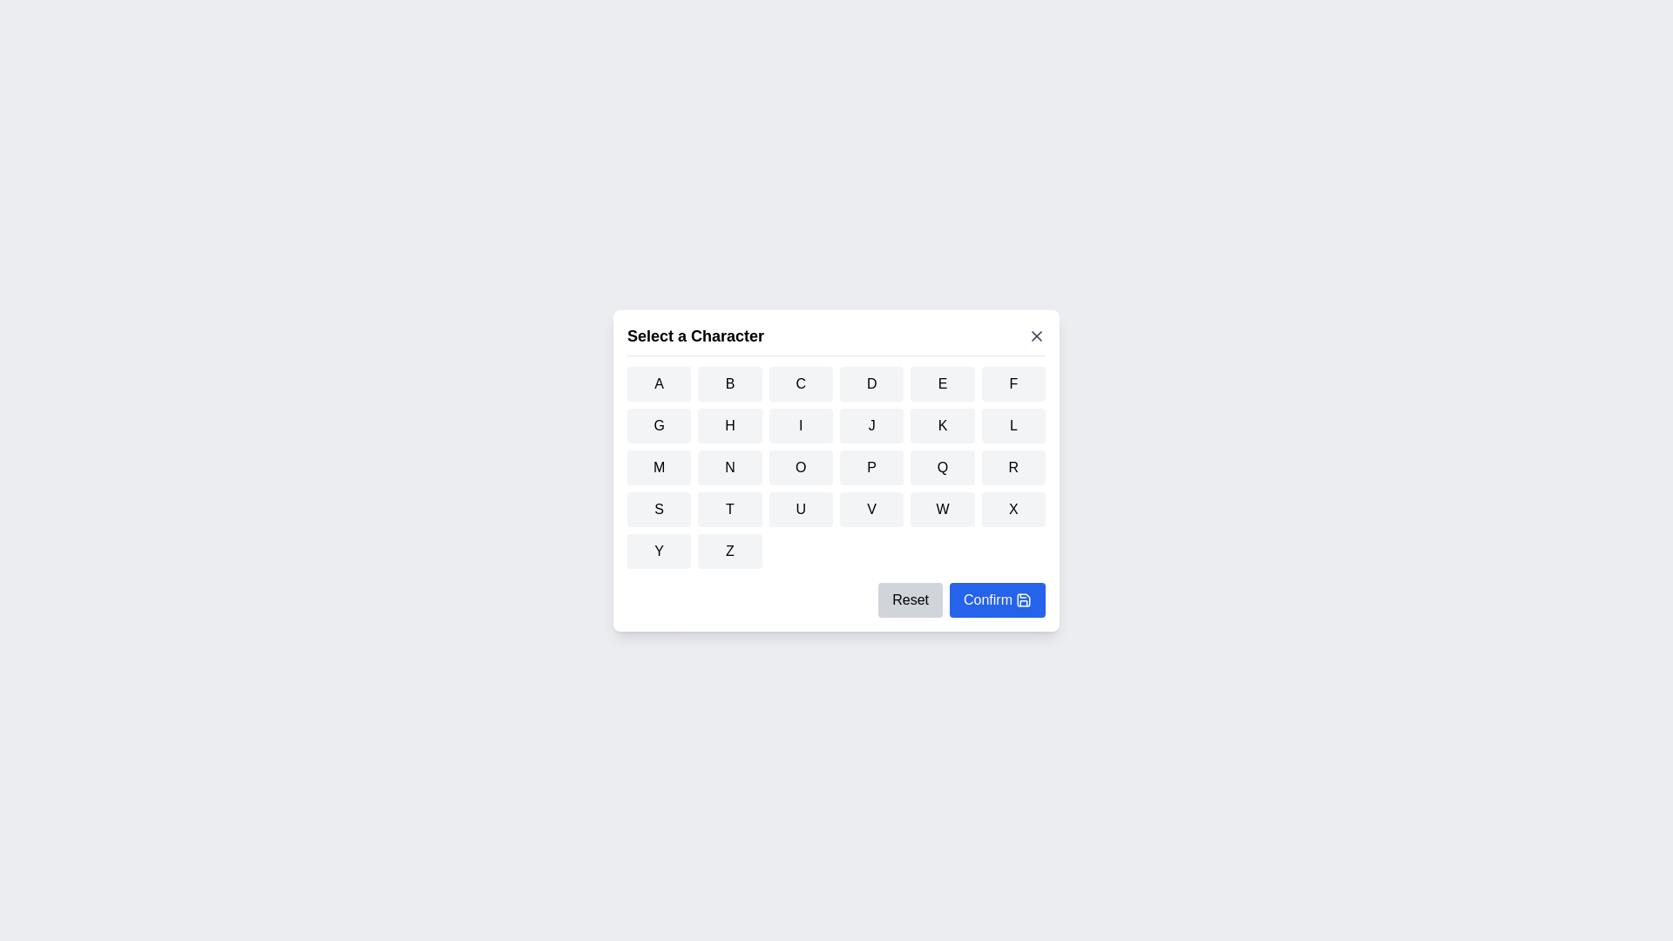 The width and height of the screenshot is (1673, 941). What do you see at coordinates (872, 425) in the screenshot?
I see `the button corresponding to the character J to select it` at bounding box center [872, 425].